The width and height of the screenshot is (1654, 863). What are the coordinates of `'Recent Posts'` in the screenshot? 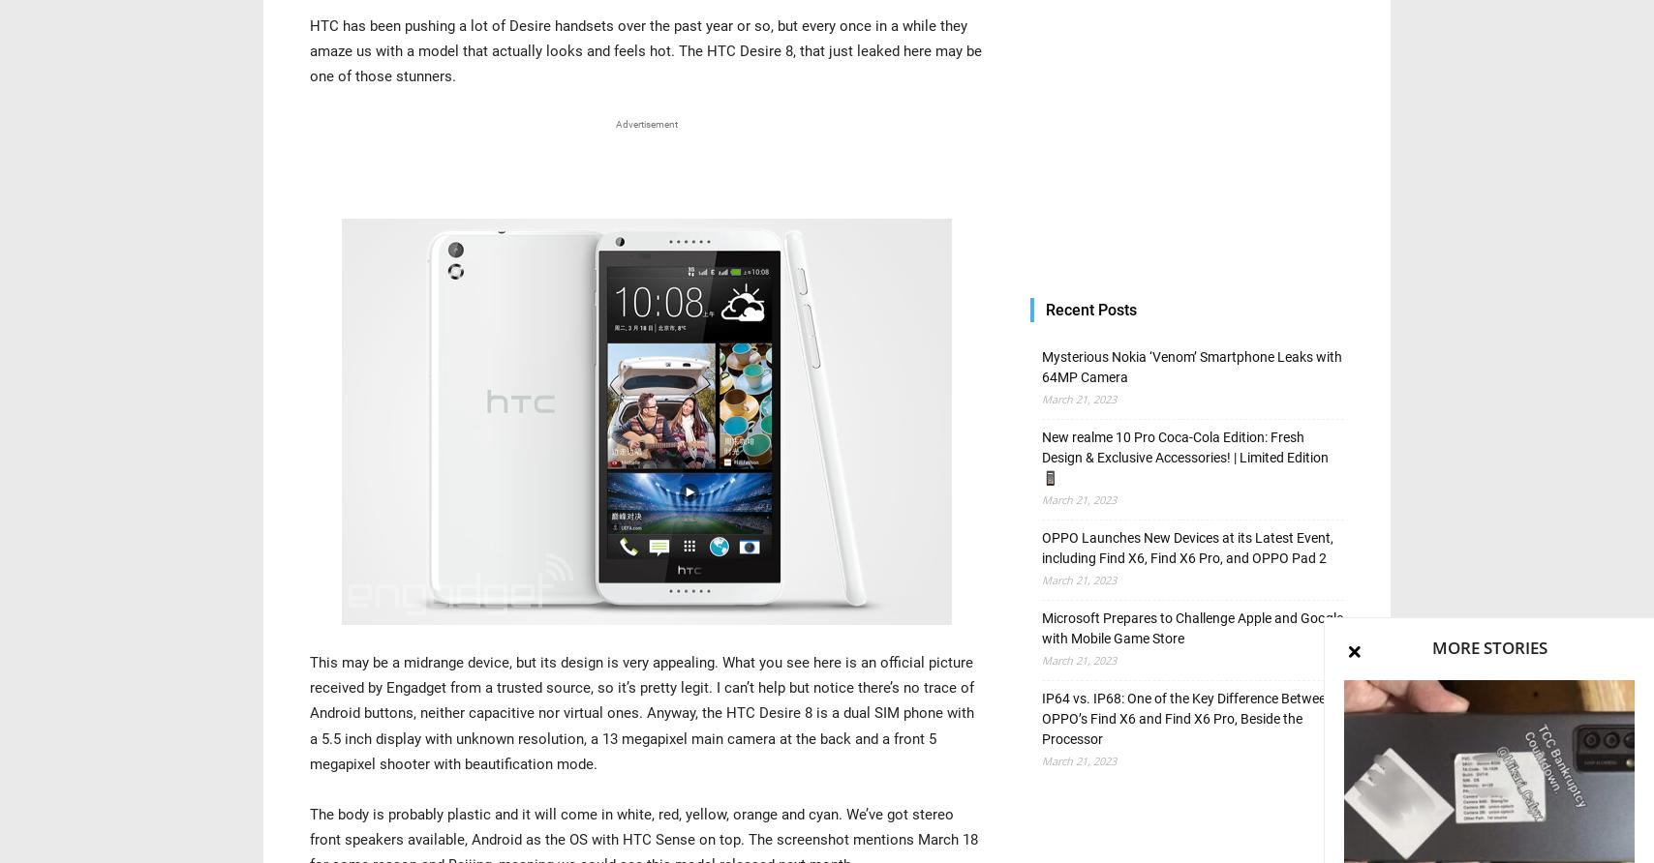 It's located at (1090, 310).